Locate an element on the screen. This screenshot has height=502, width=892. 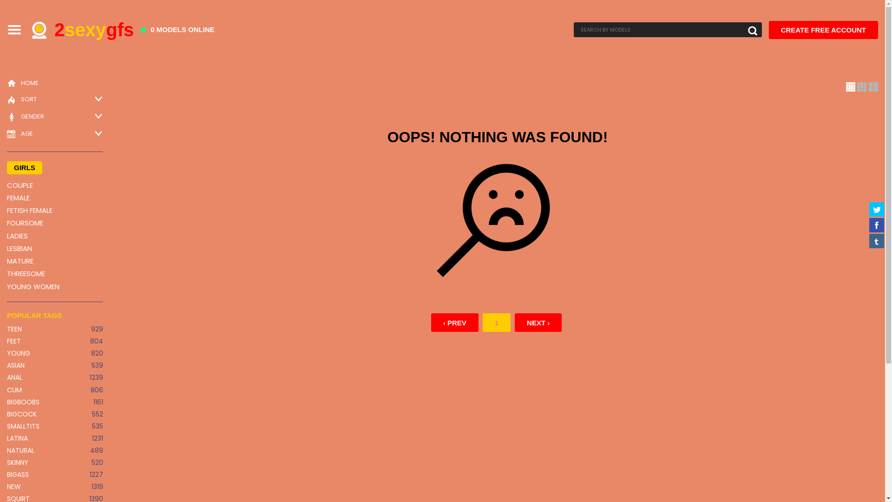
'MATURE' is located at coordinates (54, 261).